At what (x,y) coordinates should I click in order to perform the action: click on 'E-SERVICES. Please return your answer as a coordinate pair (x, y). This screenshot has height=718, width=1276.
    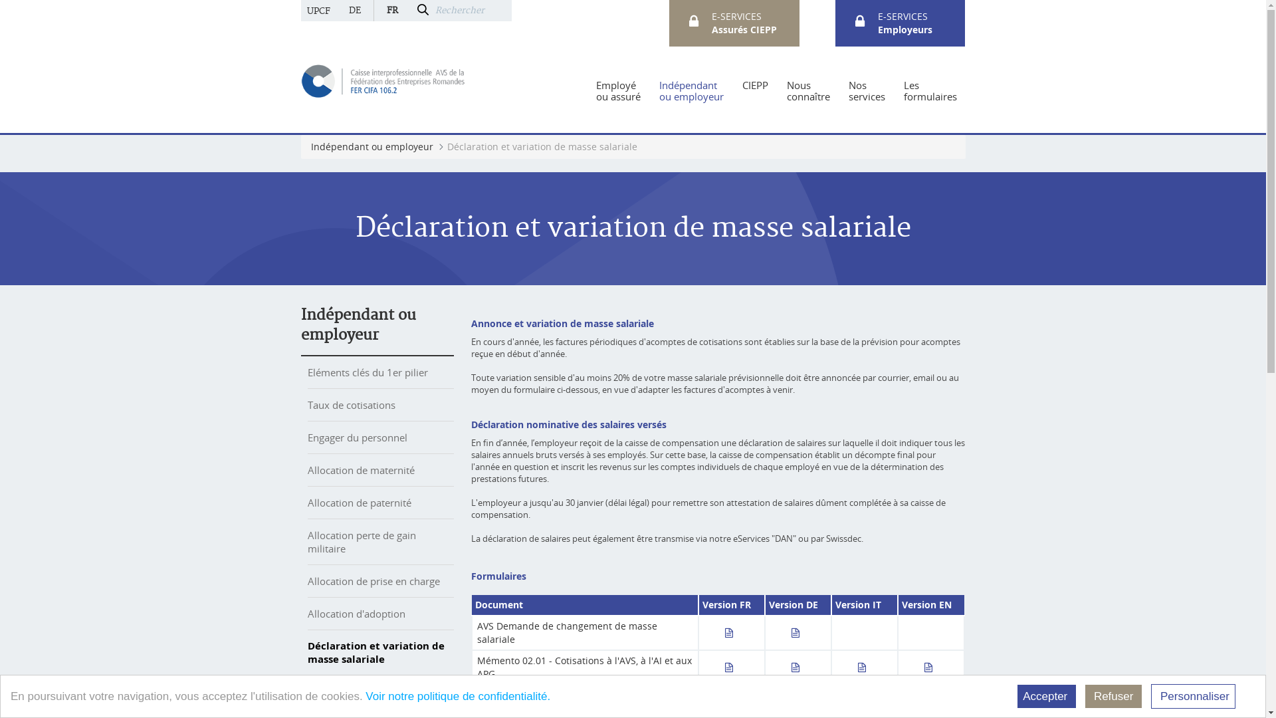
    Looking at the image, I should click on (904, 23).